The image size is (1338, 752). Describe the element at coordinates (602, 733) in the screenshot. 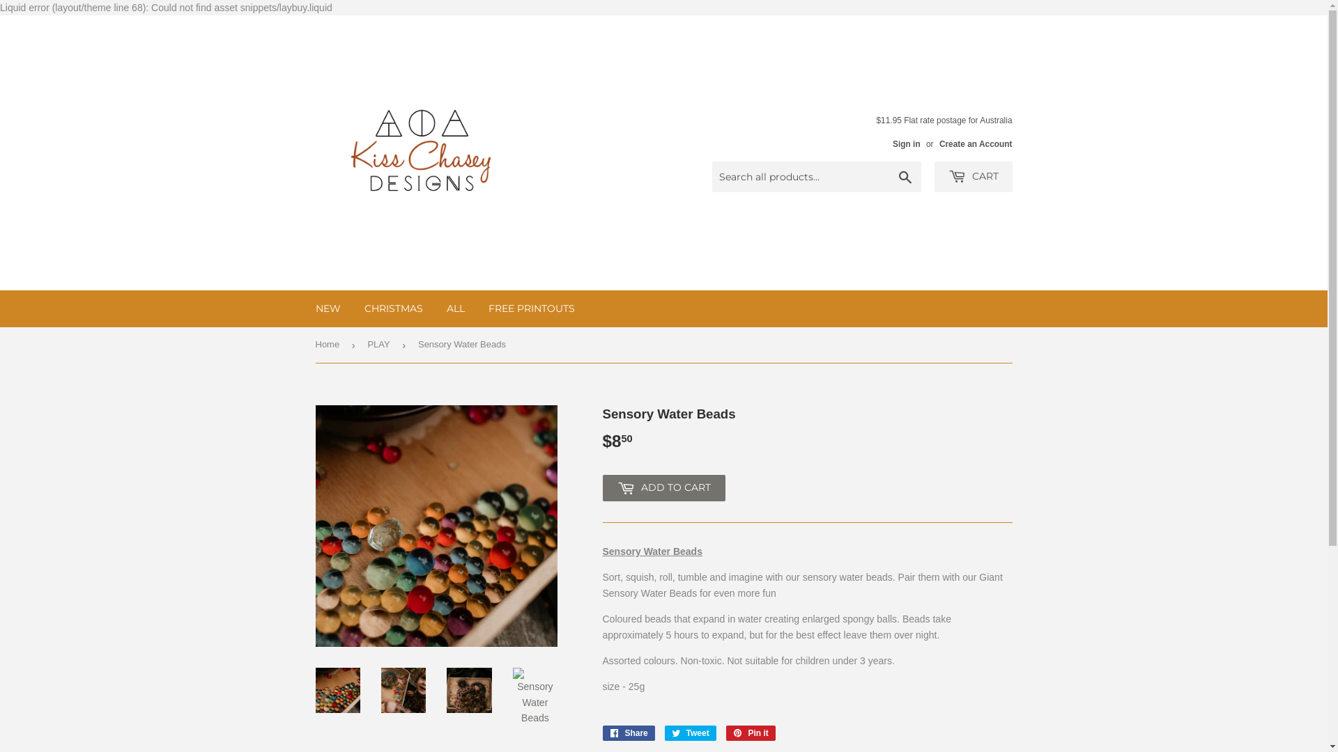

I see `'Share` at that location.